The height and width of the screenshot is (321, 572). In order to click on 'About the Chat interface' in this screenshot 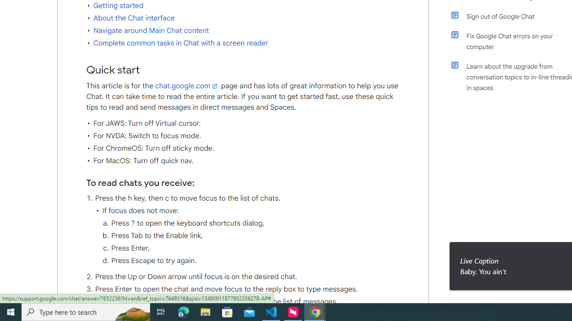, I will do `click(133, 18)`.